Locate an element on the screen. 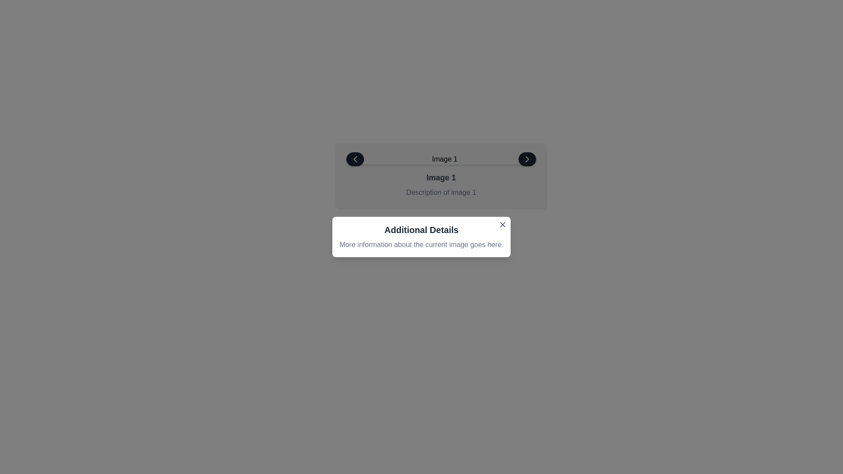  the navigation icon located in the rightmost section of the horizontal navigation bar is located at coordinates (527, 159).